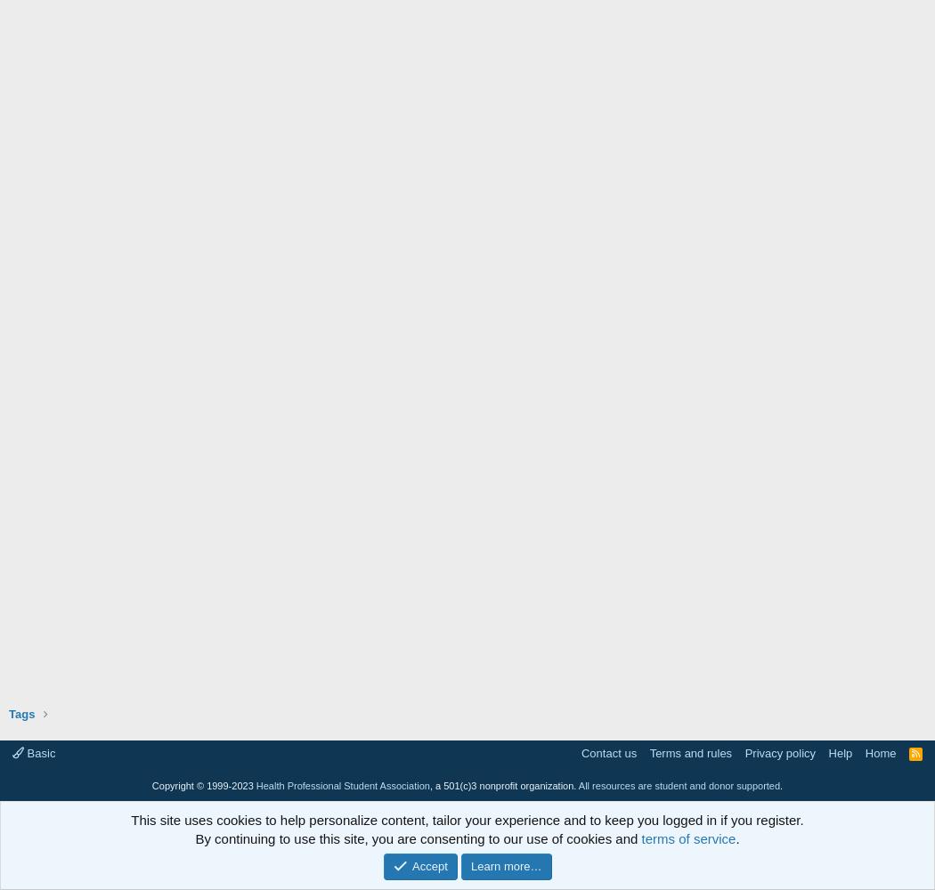  Describe the element at coordinates (608, 752) in the screenshot. I see `'Contact us'` at that location.